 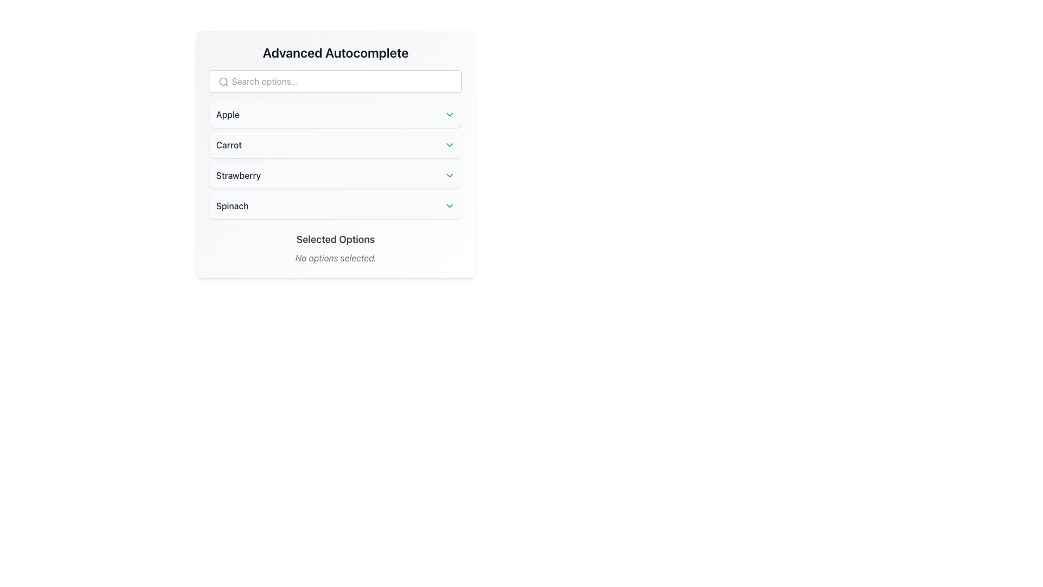 I want to click on the circular portion of the search magnifying glass icon located on the left side of the search bar component, so click(x=223, y=81).